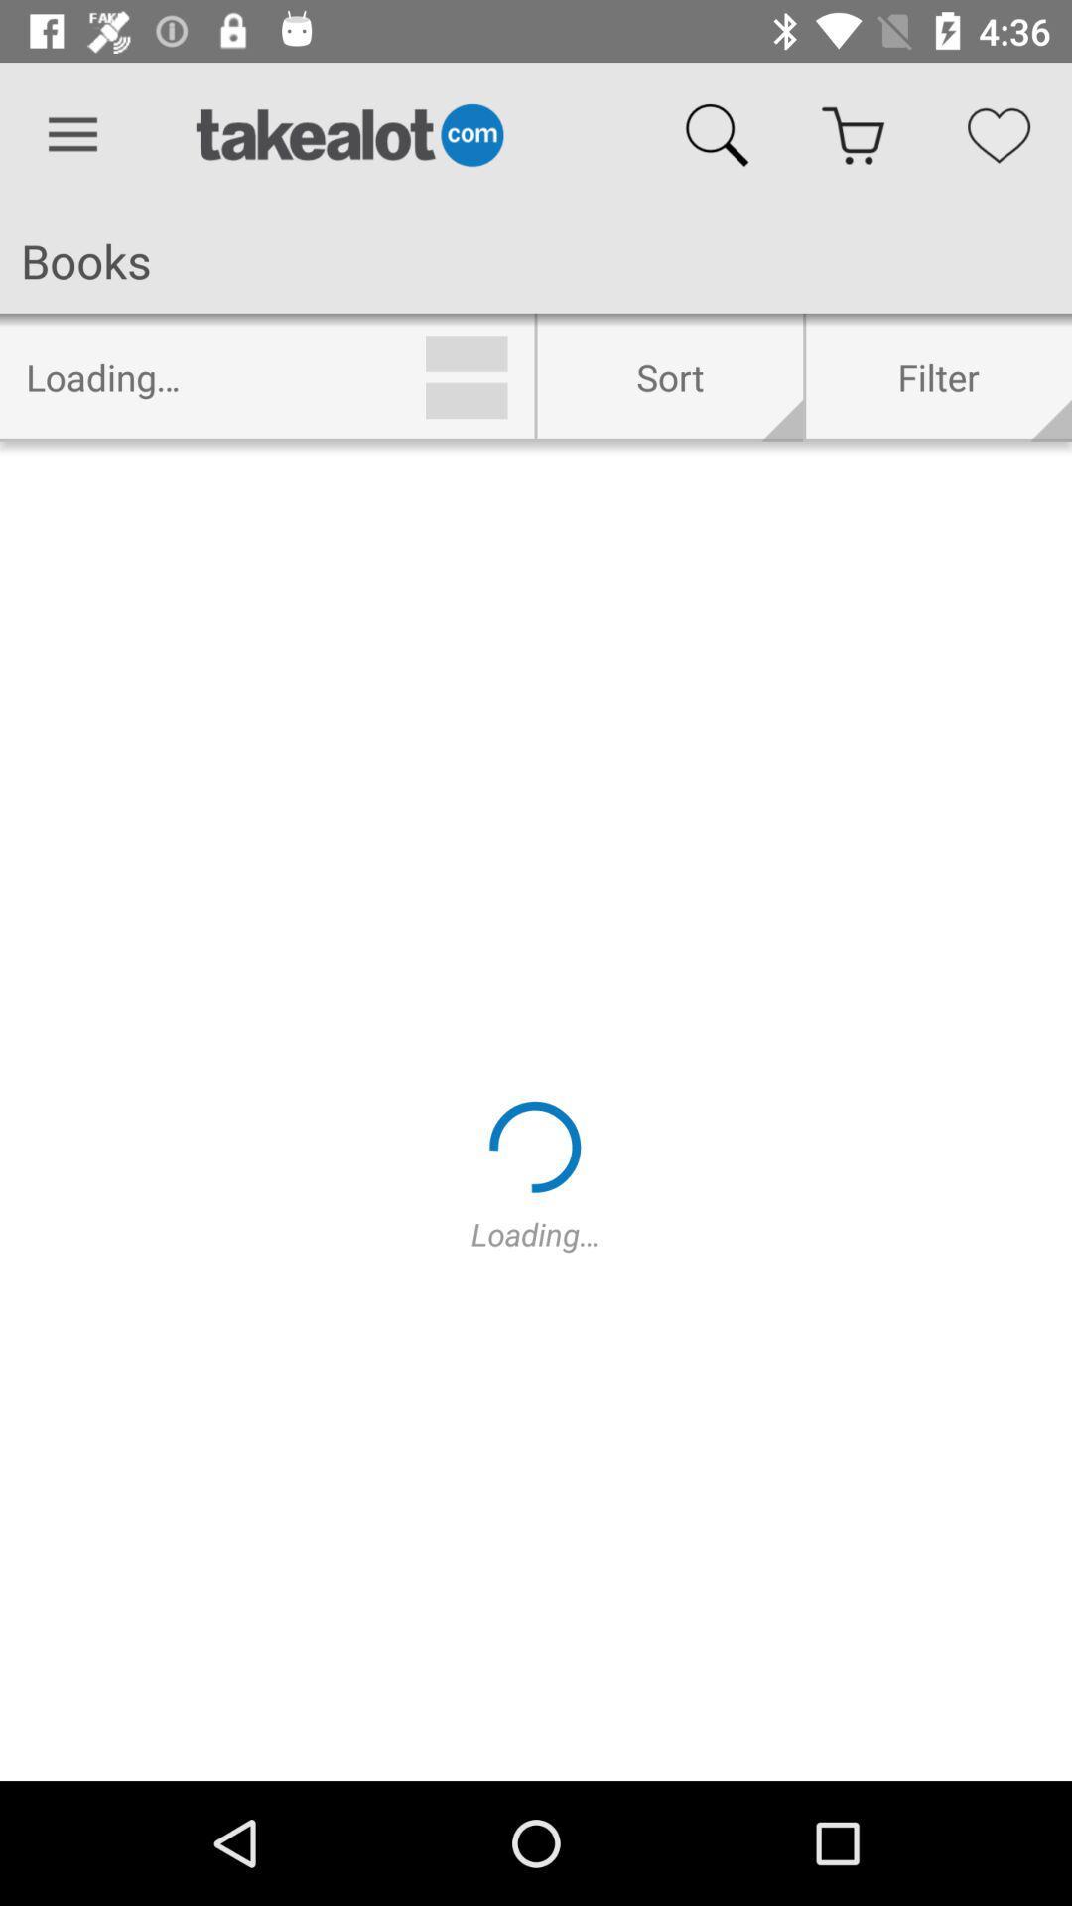 The height and width of the screenshot is (1906, 1072). I want to click on the icon above books, so click(71, 134).